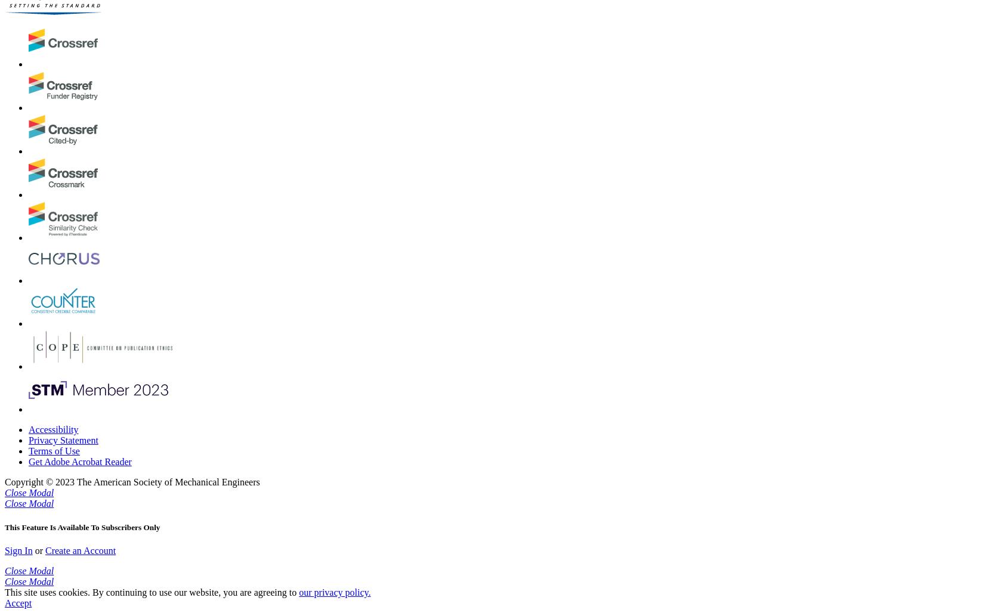 Image resolution: width=988 pixels, height=613 pixels. I want to click on 'or', so click(31, 550).